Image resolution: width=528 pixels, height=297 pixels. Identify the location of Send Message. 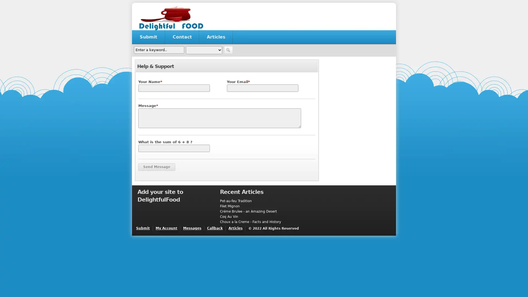
(156, 167).